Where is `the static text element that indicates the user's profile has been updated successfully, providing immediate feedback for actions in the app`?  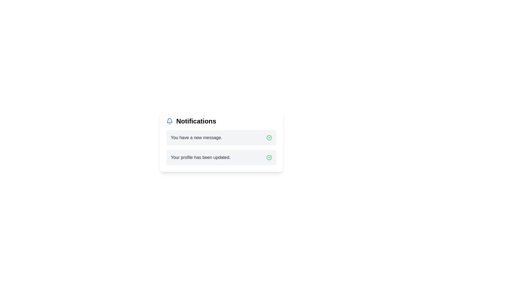
the static text element that indicates the user's profile has been updated successfully, providing immediate feedback for actions in the app is located at coordinates (200, 158).